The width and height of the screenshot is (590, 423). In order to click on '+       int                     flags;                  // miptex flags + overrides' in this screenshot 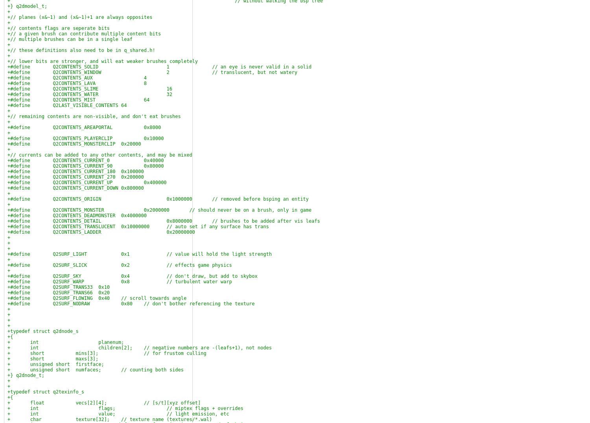, I will do `click(125, 408)`.